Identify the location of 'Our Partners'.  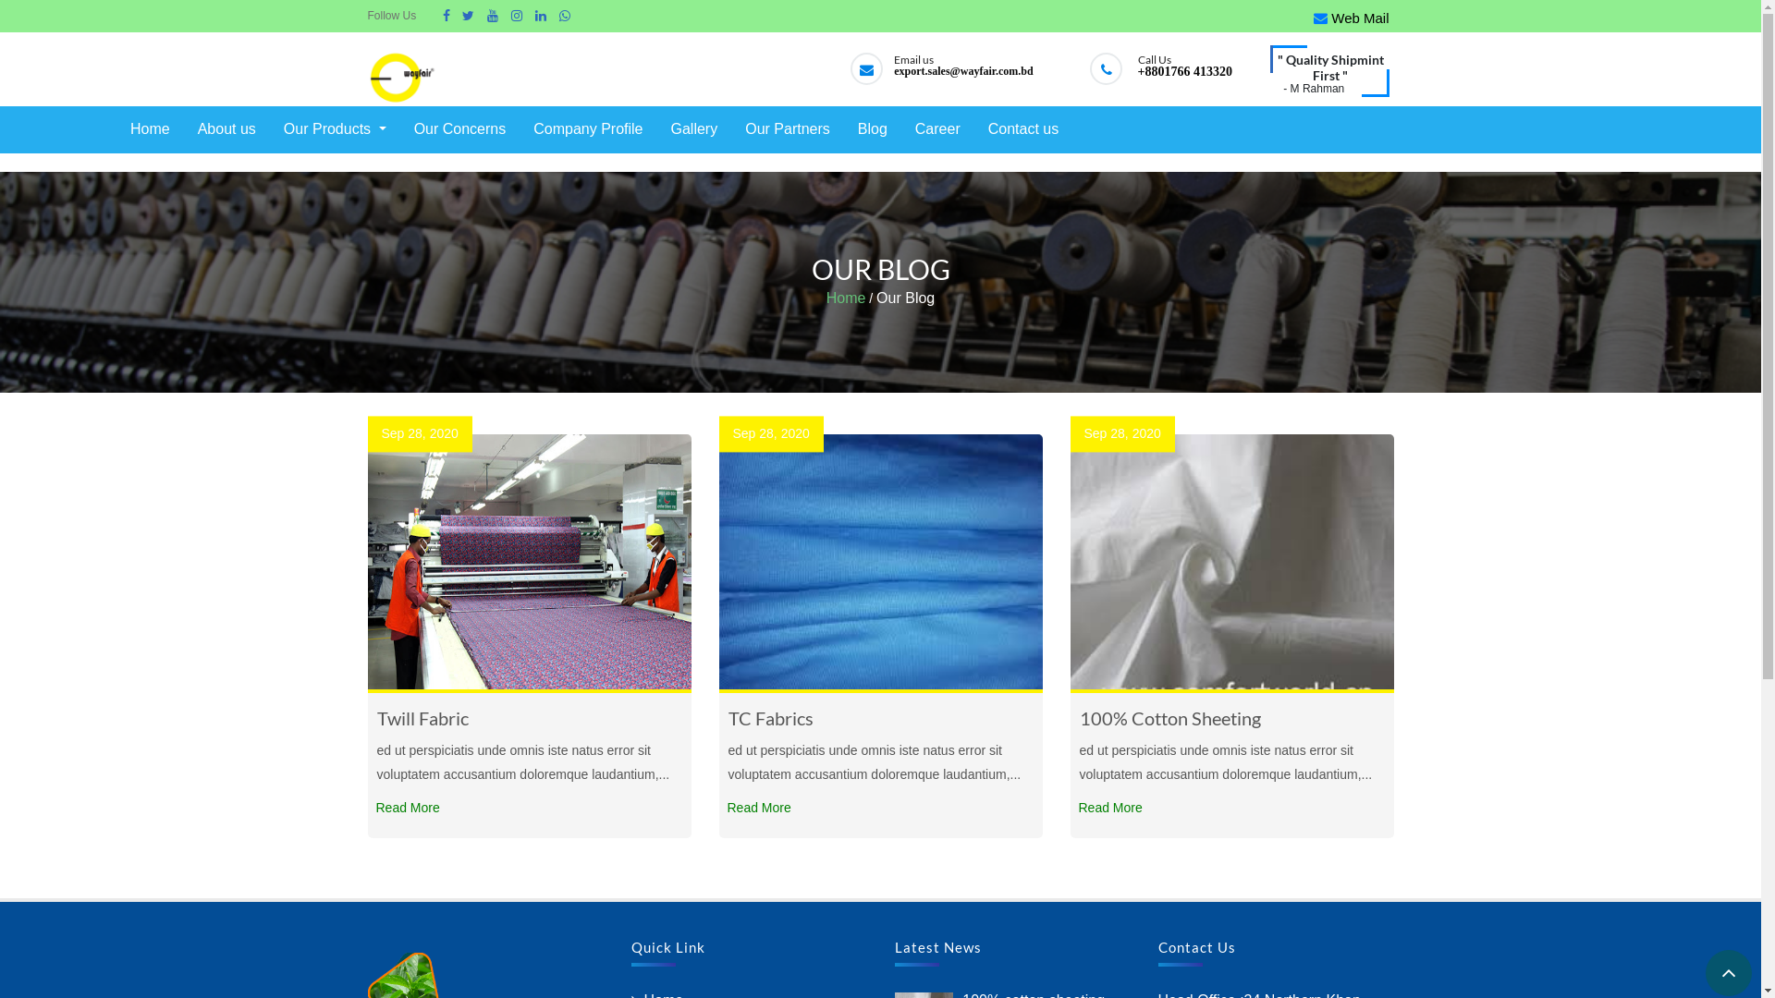
(787, 128).